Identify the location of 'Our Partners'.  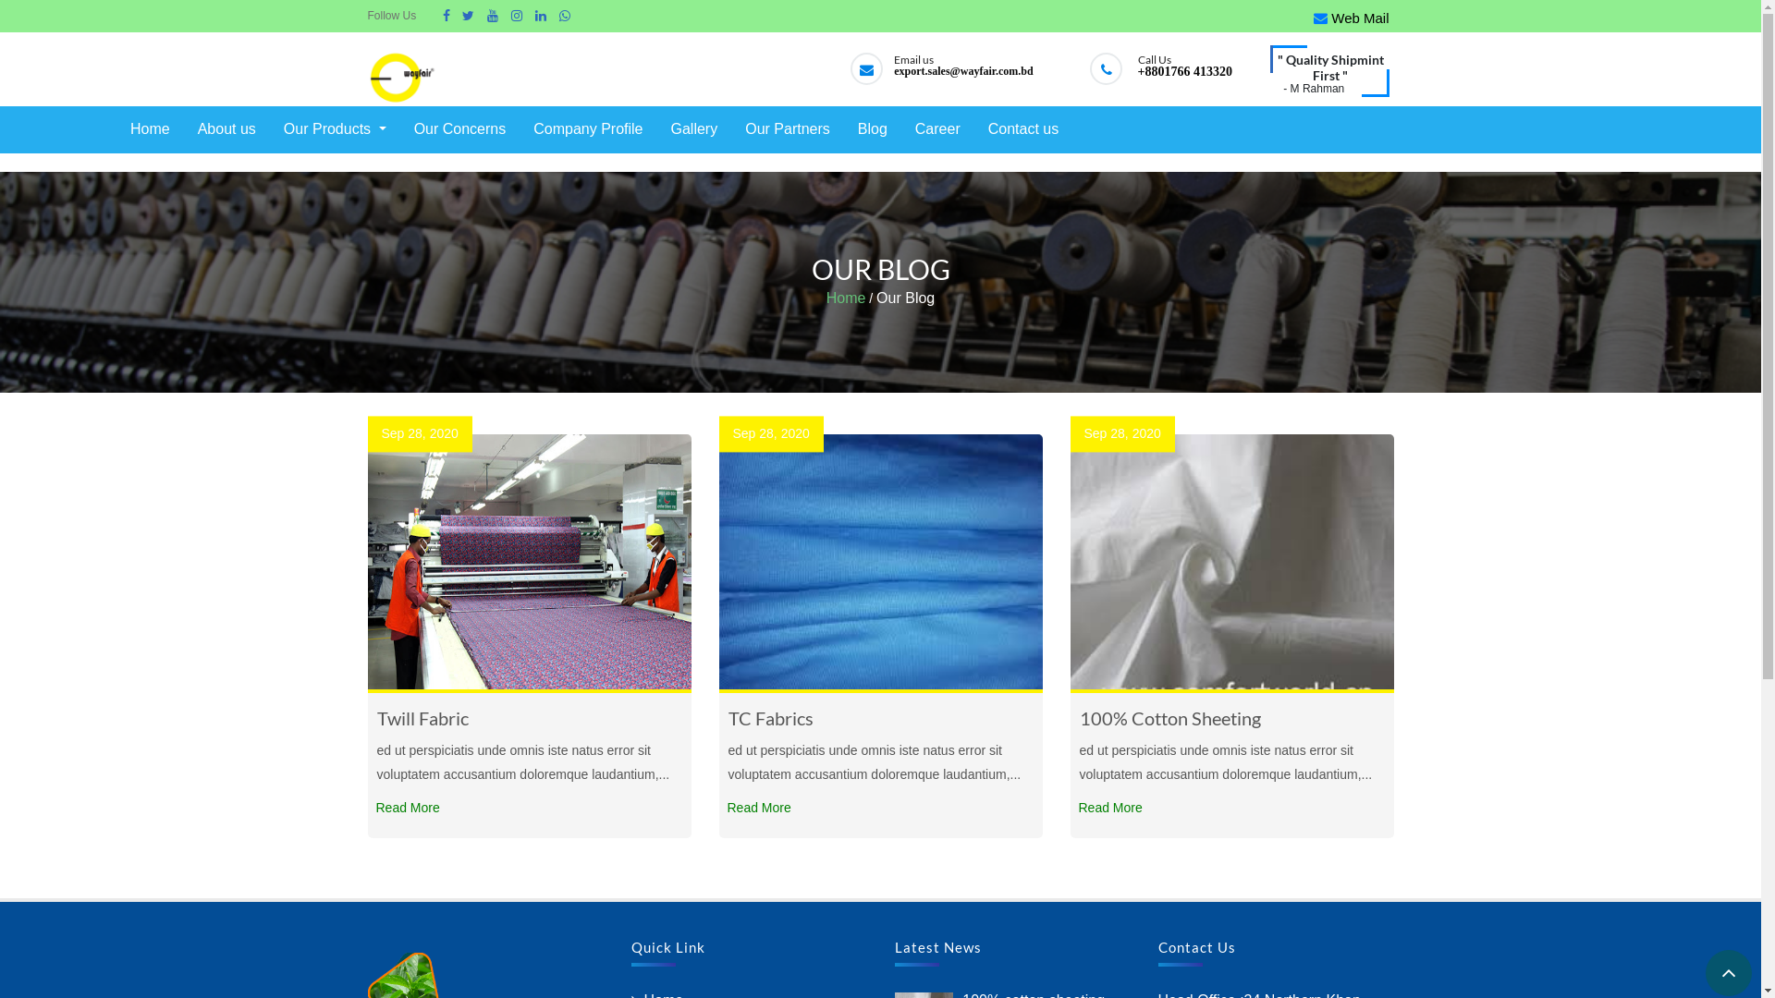
(787, 128).